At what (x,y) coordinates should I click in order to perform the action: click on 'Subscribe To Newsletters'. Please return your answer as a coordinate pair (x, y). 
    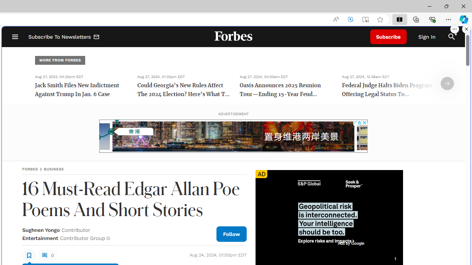
    Looking at the image, I should click on (64, 37).